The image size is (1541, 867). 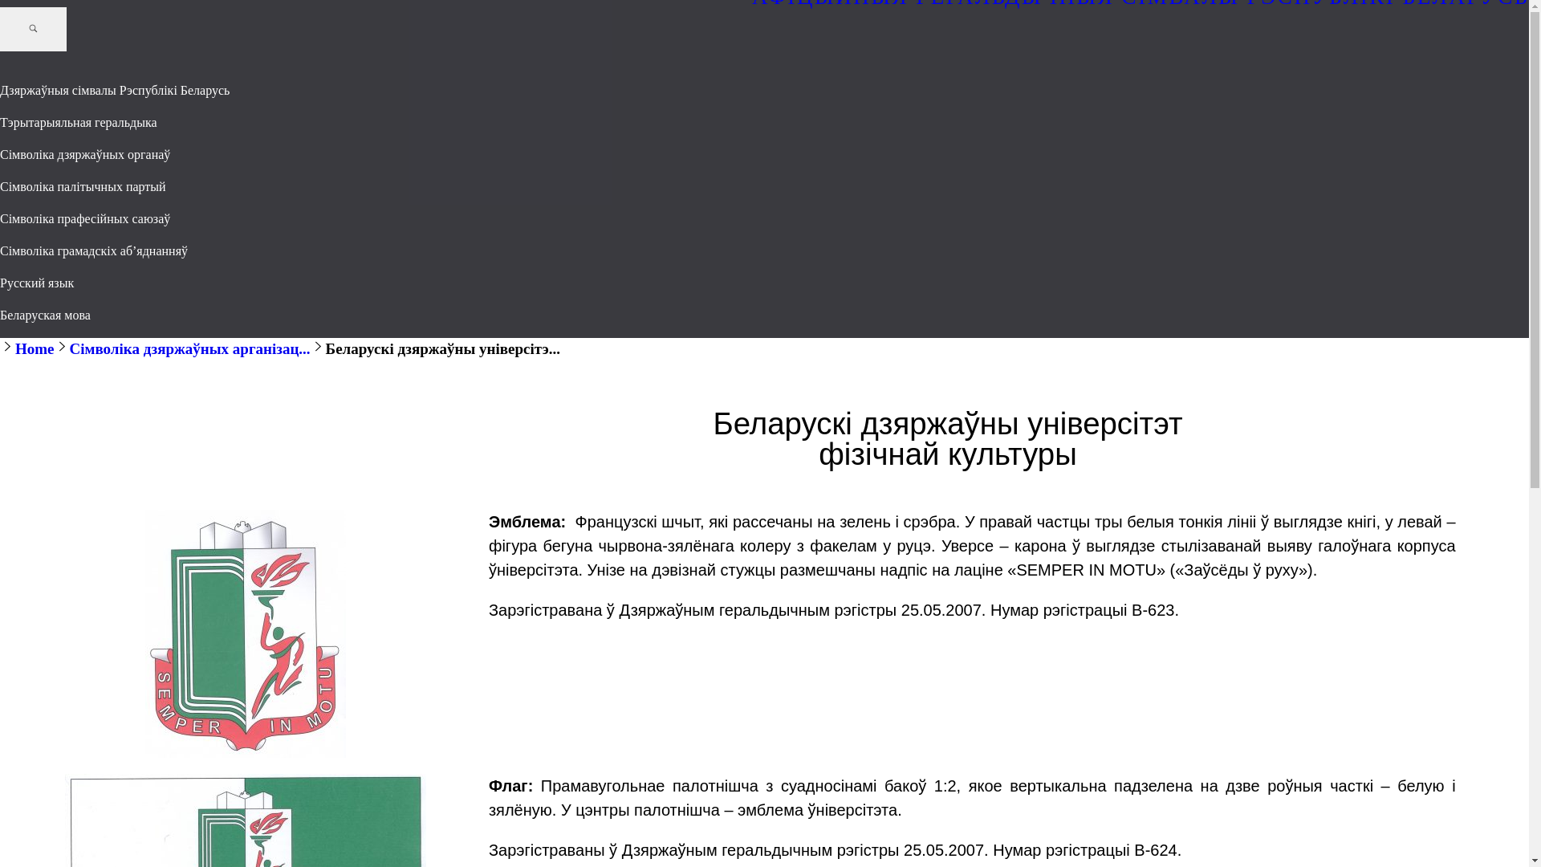 I want to click on '623', so click(x=245, y=633).